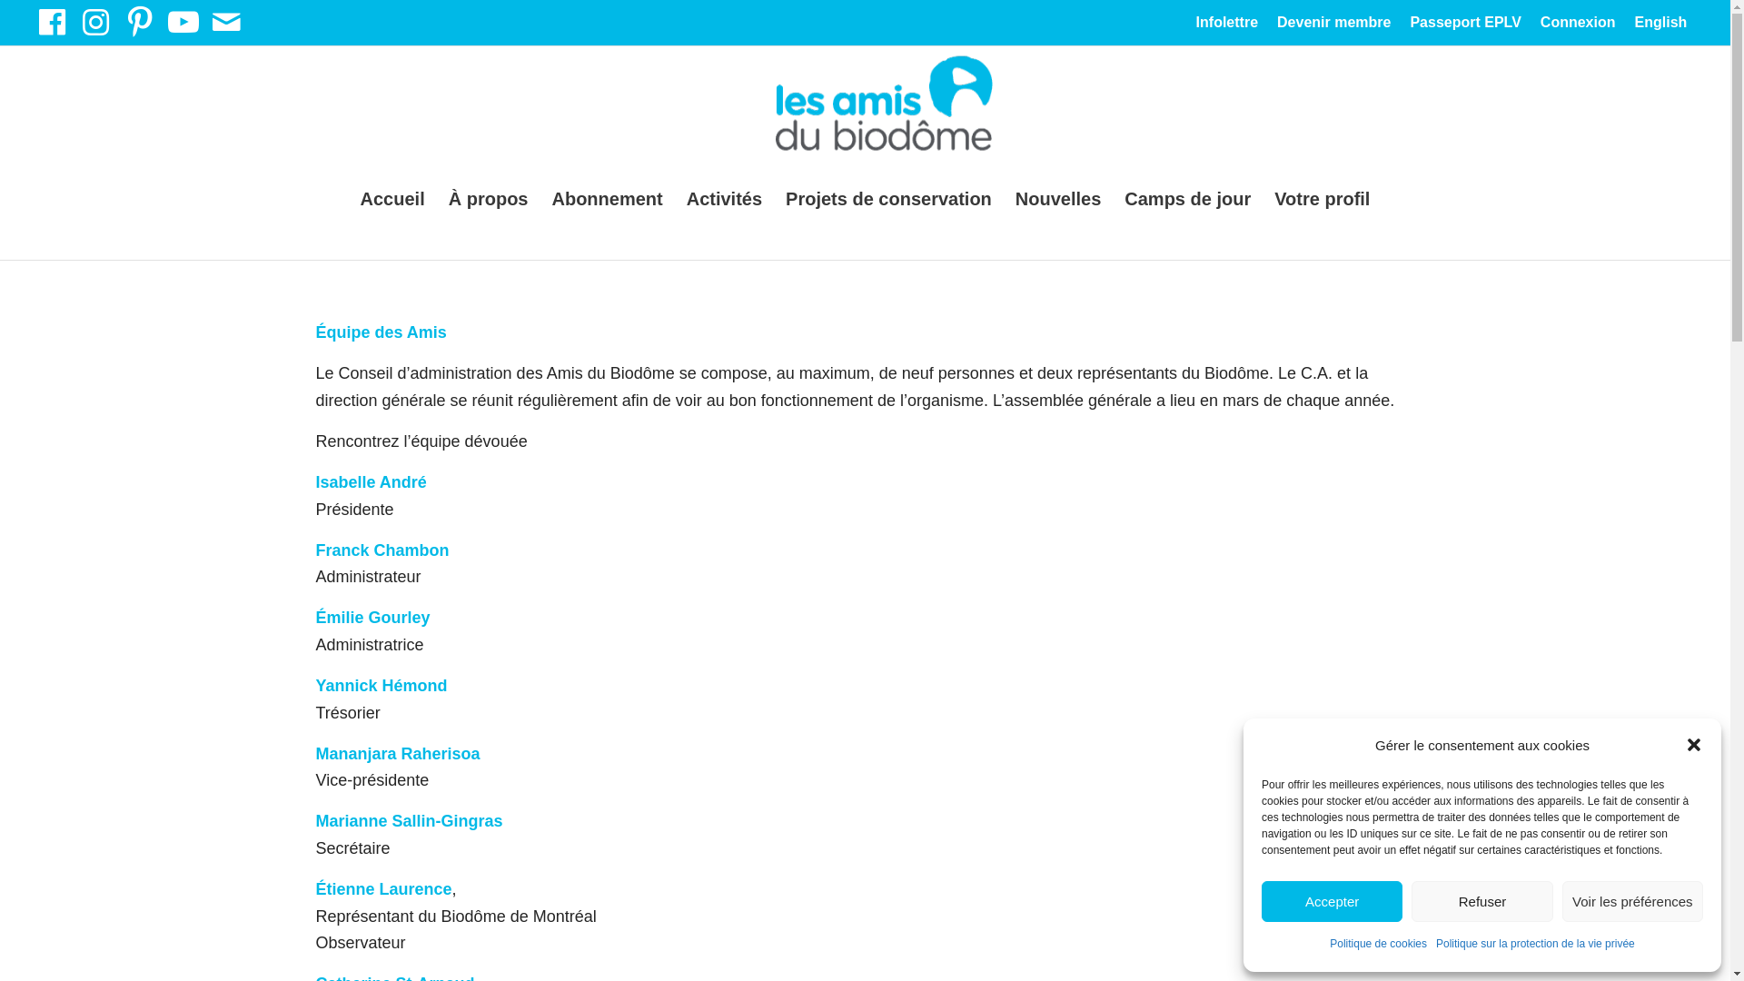 Image resolution: width=1744 pixels, height=981 pixels. Describe the element at coordinates (606, 199) in the screenshot. I see `'Abonnement'` at that location.